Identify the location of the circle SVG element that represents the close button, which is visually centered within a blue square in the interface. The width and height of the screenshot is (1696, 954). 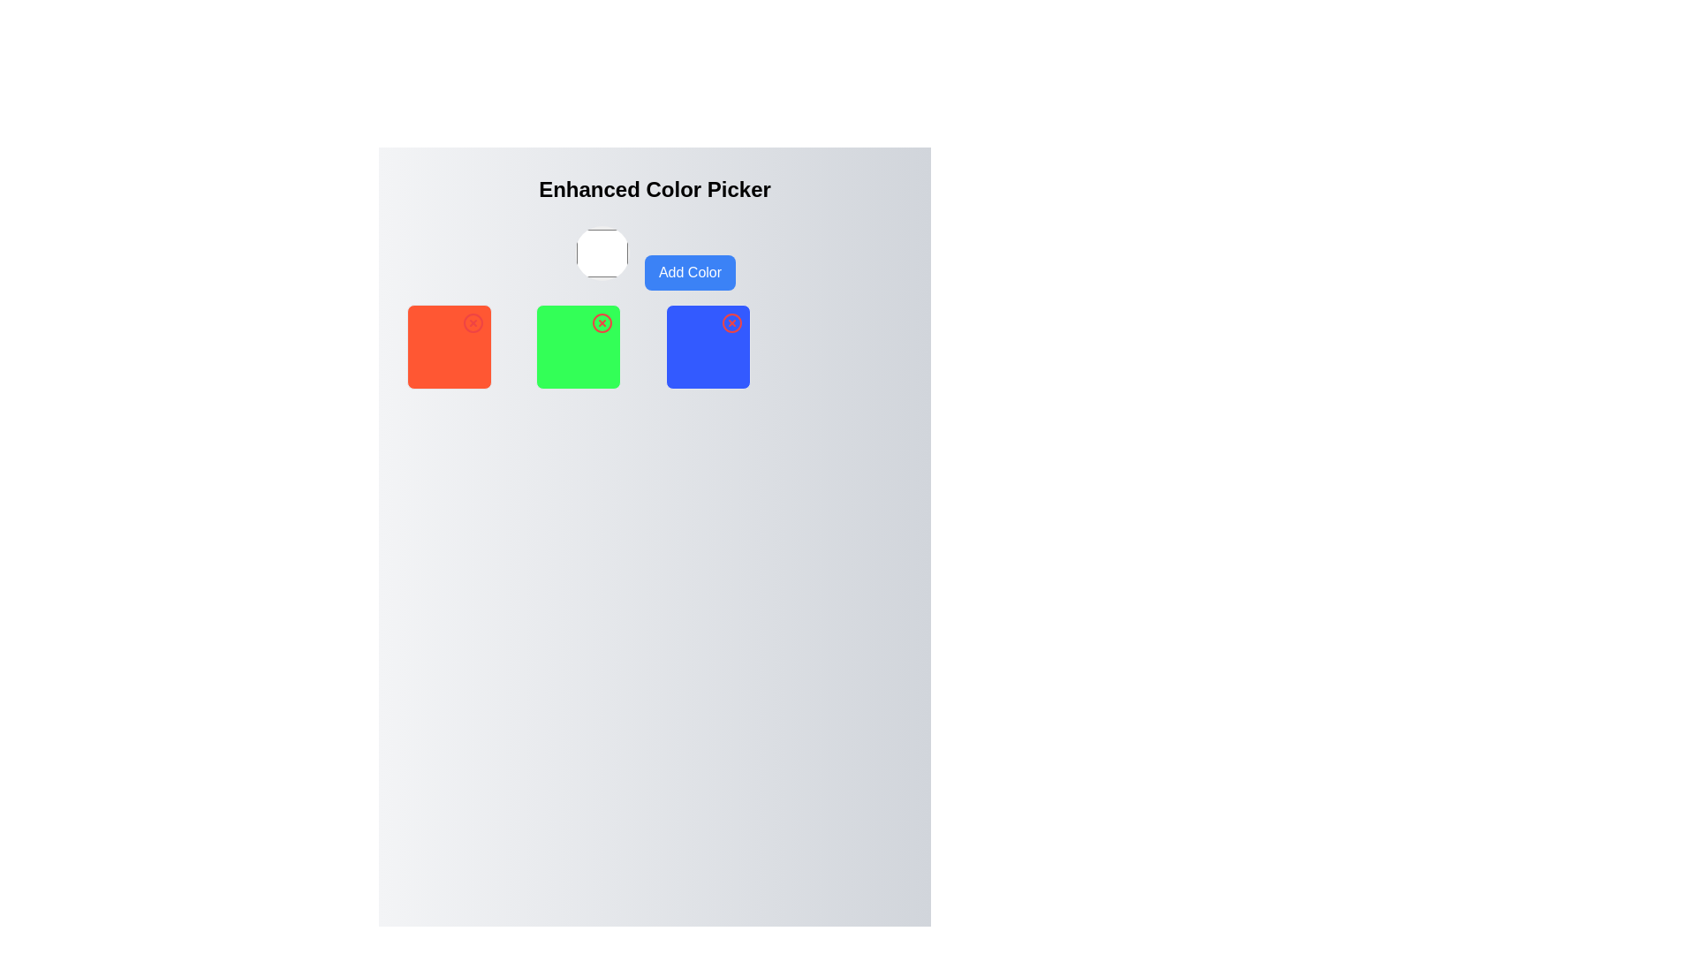
(731, 323).